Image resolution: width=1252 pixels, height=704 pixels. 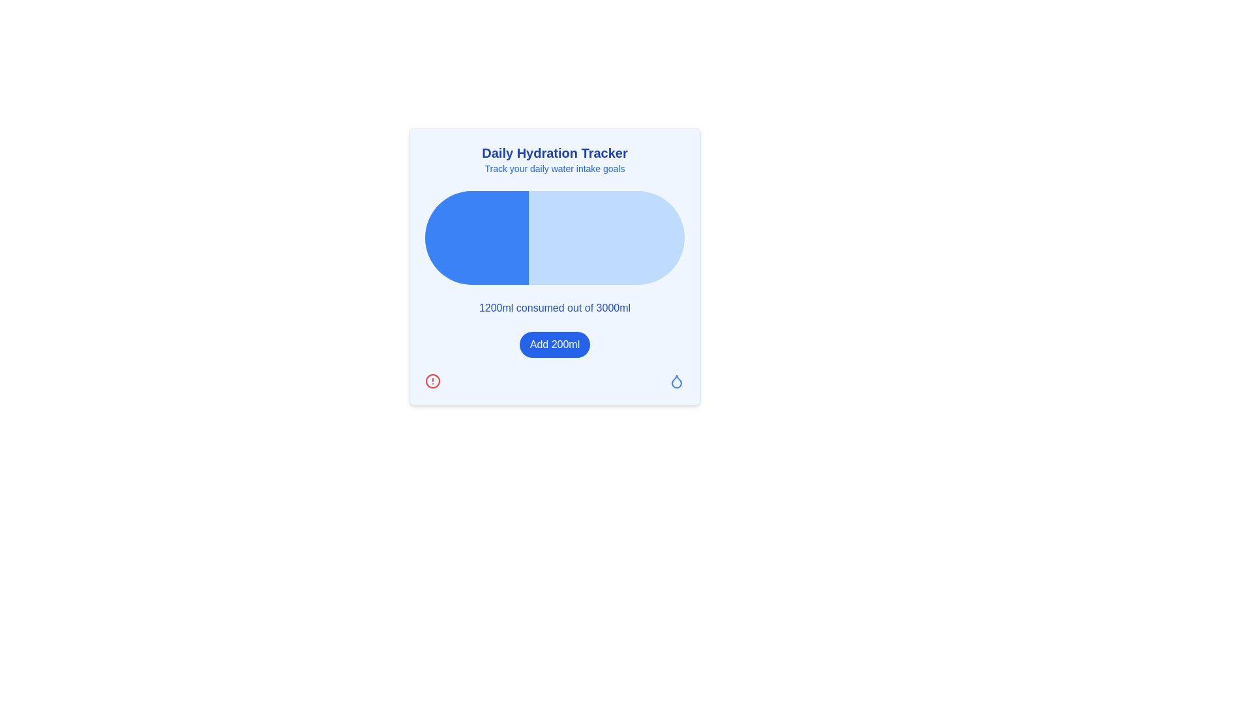 What do you see at coordinates (554, 168) in the screenshot?
I see `the subtitle text element located beneath 'Daily Hydration Tracker' in the hydration tracker section` at bounding box center [554, 168].